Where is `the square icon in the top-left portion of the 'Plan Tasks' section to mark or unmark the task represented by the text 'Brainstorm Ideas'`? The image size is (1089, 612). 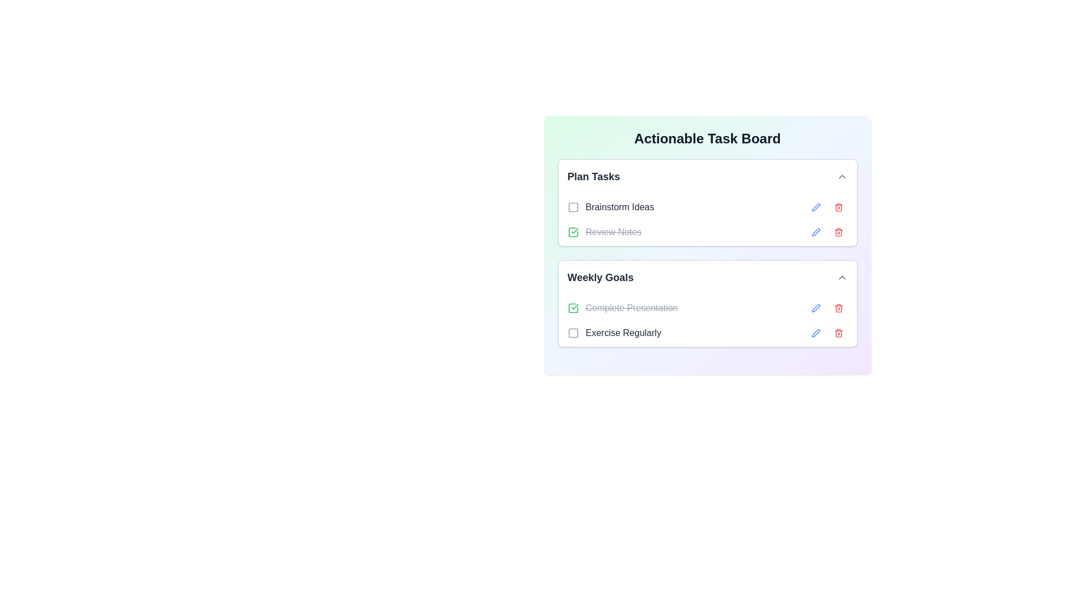
the square icon in the top-left portion of the 'Plan Tasks' section to mark or unmark the task represented by the text 'Brainstorm Ideas' is located at coordinates (573, 207).